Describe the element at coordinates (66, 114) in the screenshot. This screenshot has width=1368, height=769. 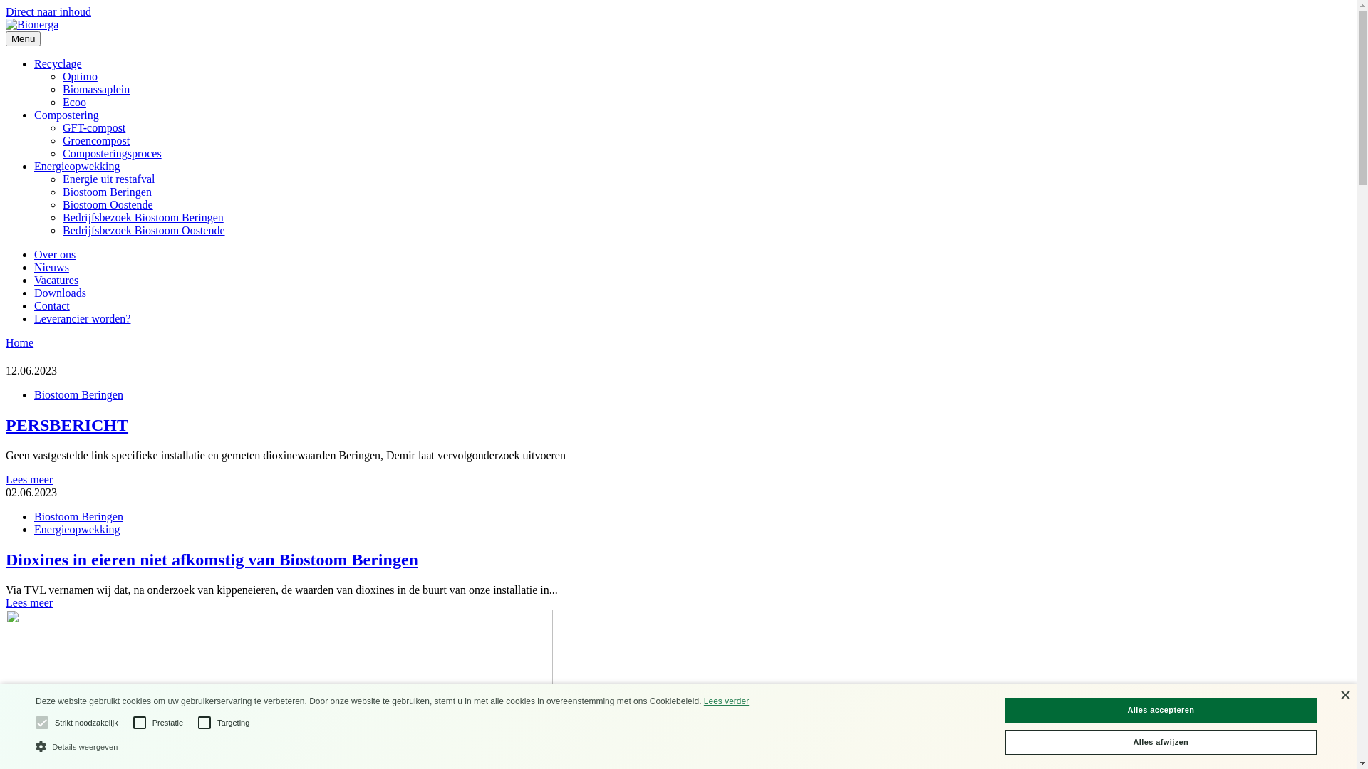
I see `'Compostering'` at that location.